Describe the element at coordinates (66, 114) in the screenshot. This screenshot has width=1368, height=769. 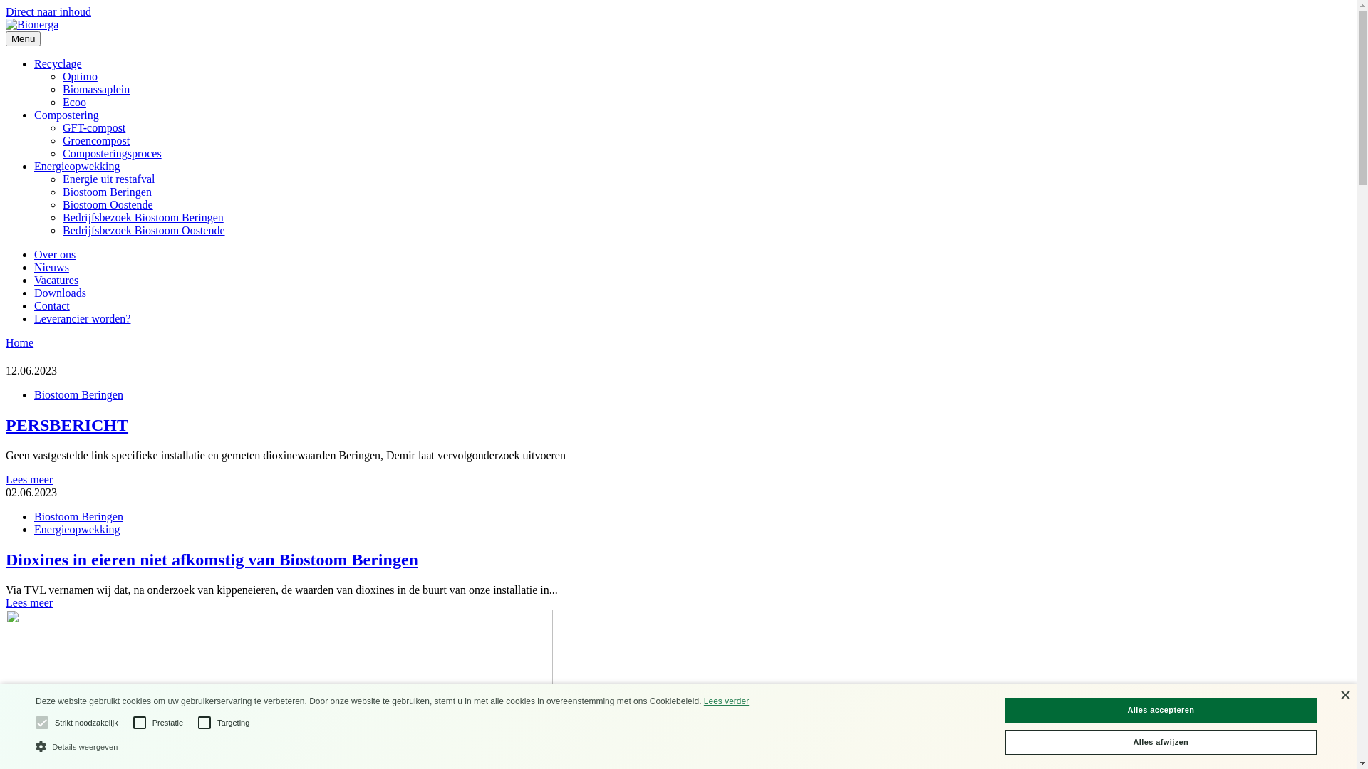
I see `'Compostering'` at that location.